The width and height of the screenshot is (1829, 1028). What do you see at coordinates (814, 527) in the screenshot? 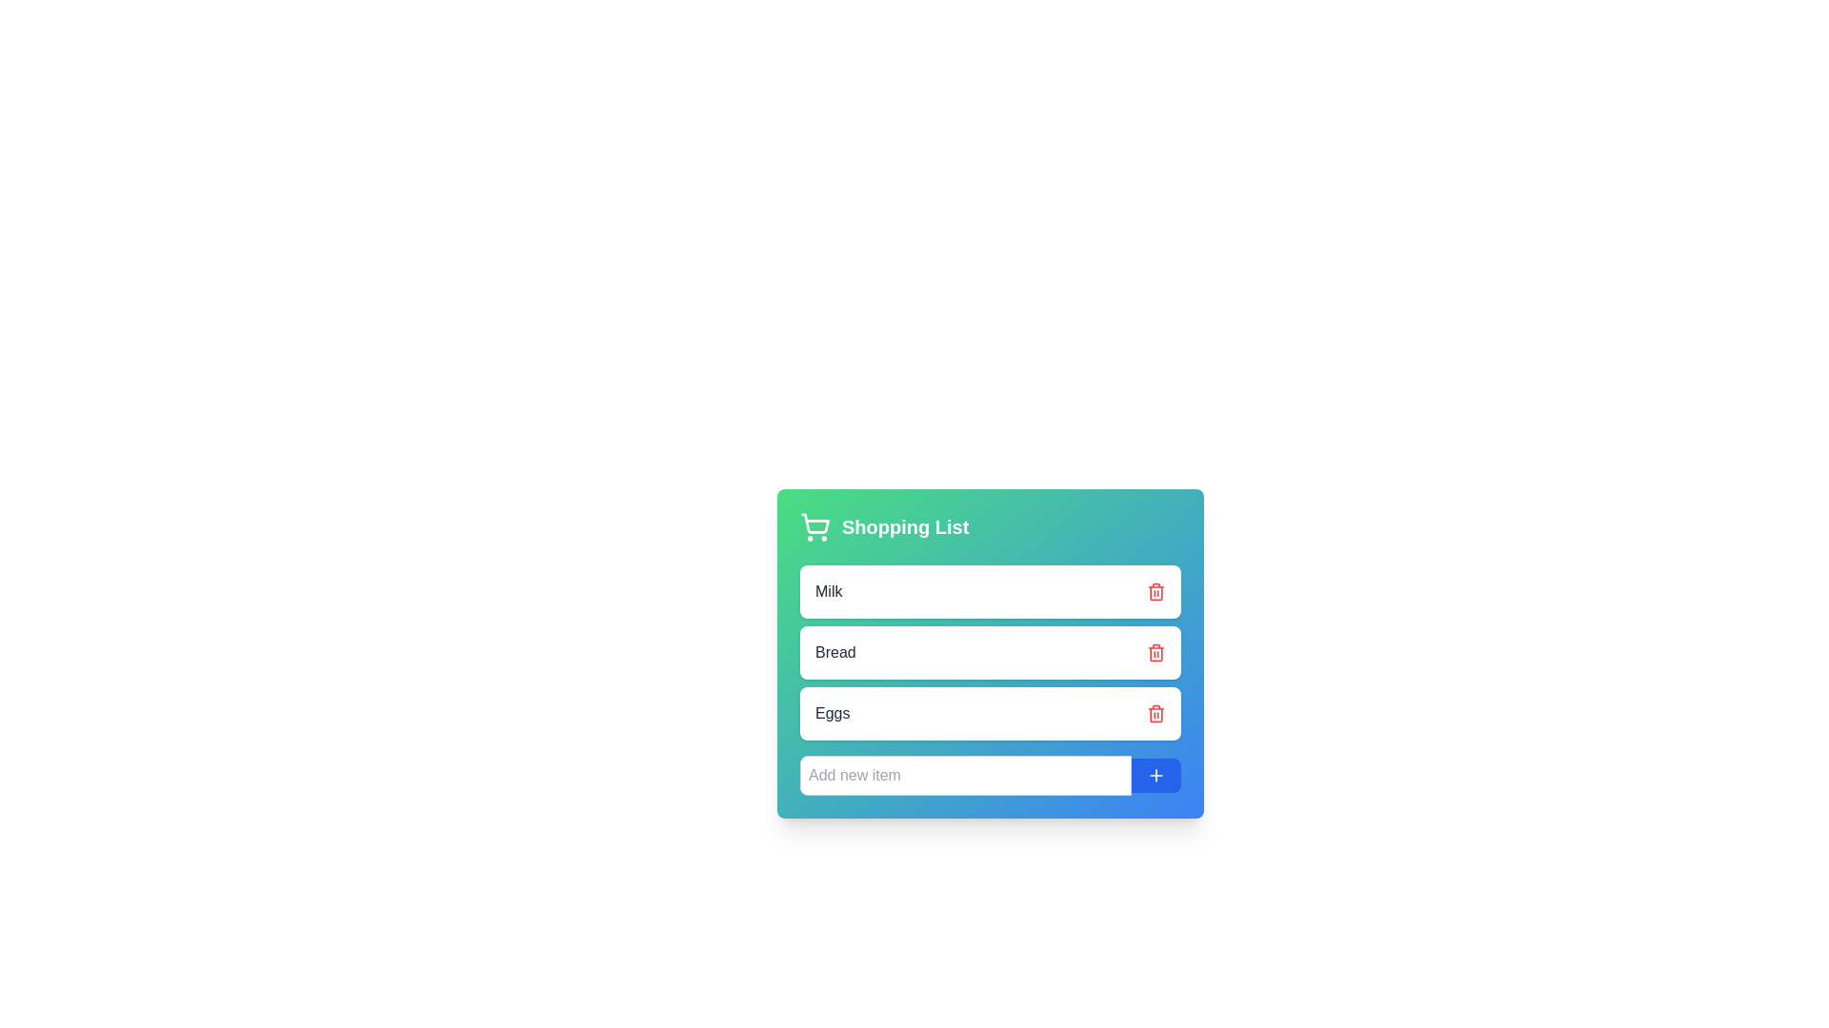
I see `the shopping cart icon with a green background and white stroke lines, located slightly to the left of the 'Shopping List' text, in the header area` at bounding box center [814, 527].